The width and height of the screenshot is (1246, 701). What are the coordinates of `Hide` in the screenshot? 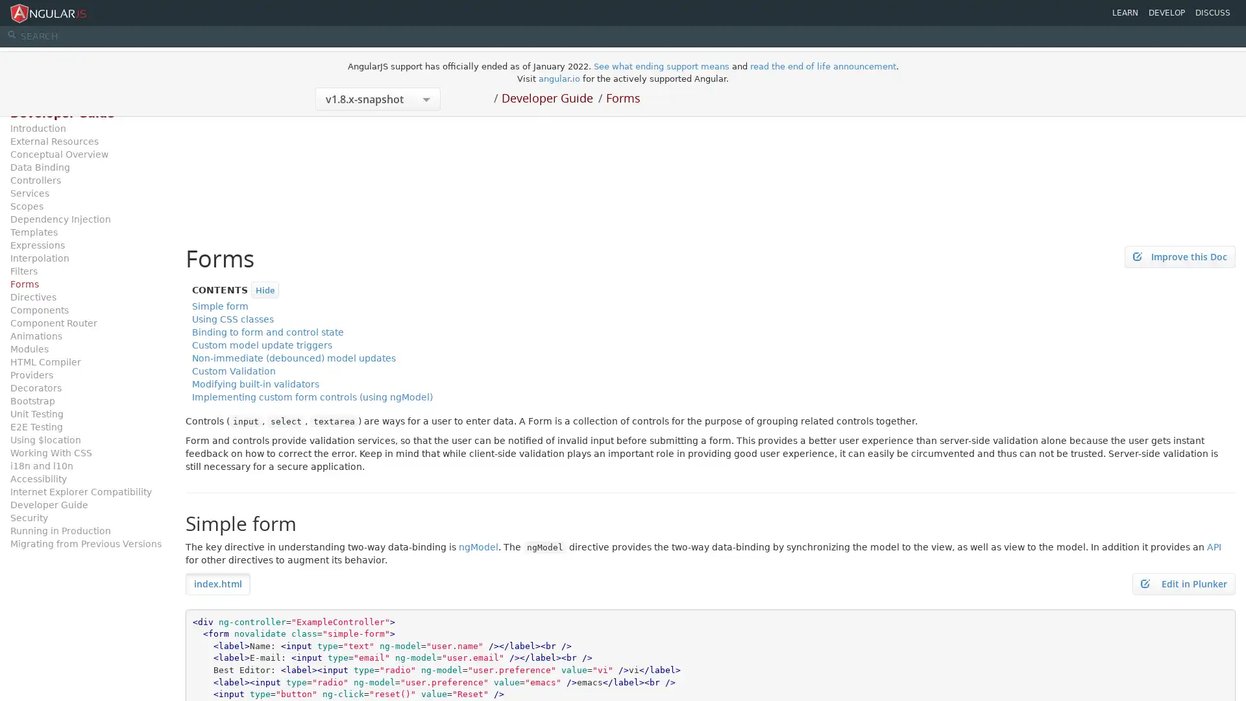 It's located at (264, 289).